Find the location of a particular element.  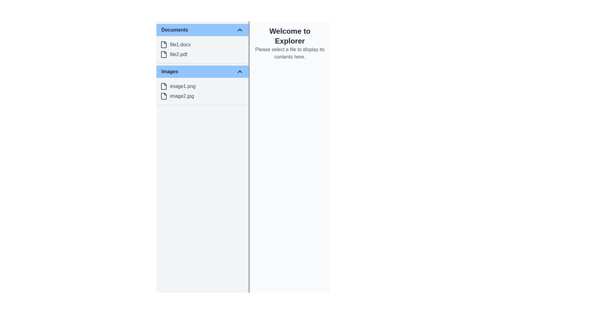

the text label displaying the message 'Please select a file is located at coordinates (290, 53).